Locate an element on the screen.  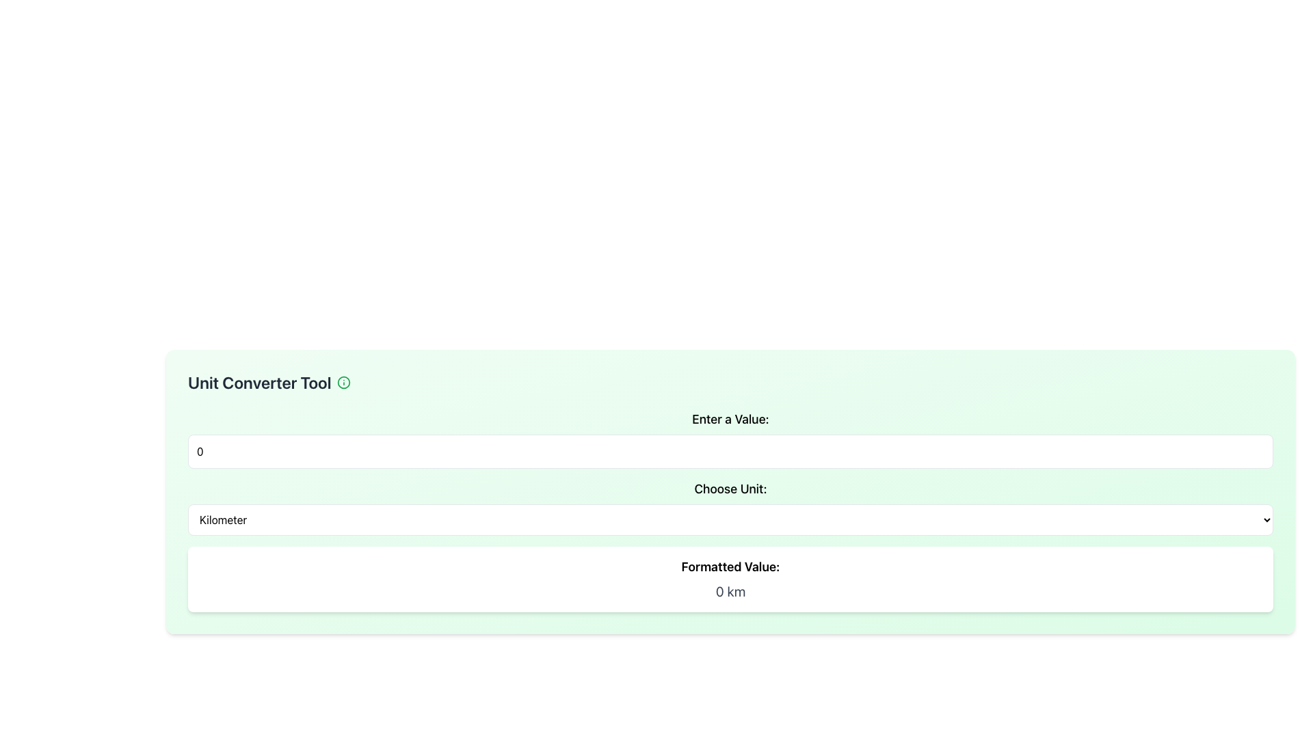
the dropdown menu displaying 'Kilometer' is located at coordinates (730, 519).